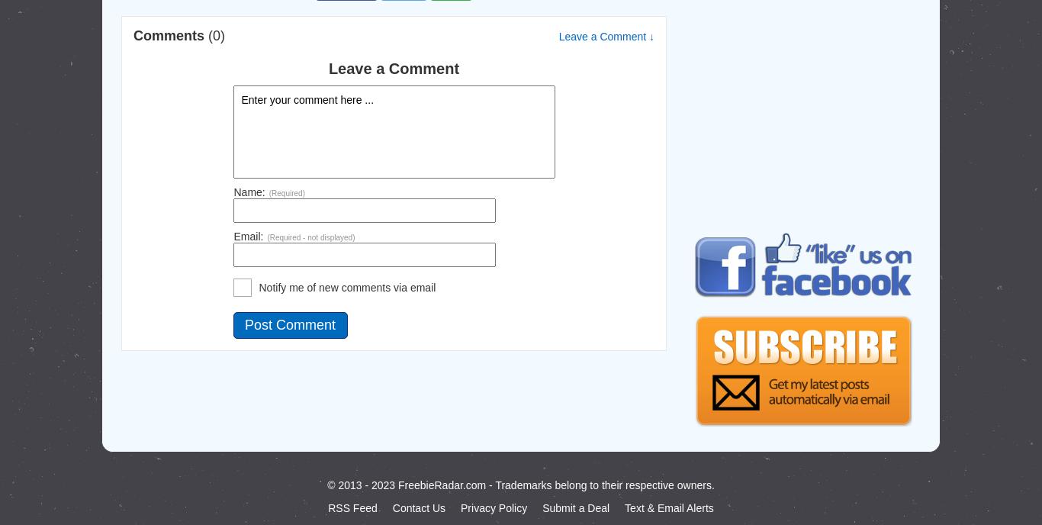  What do you see at coordinates (326, 485) in the screenshot?
I see `'© 2013 - 2023 FreebieRadar.com - Trademarks belong to their respective owners.'` at bounding box center [326, 485].